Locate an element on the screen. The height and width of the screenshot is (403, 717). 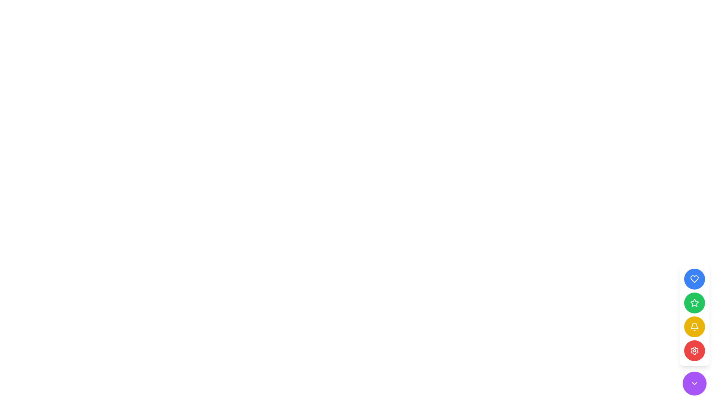
the third circular button with a bell icon on the right side of the interface is located at coordinates (694, 326).